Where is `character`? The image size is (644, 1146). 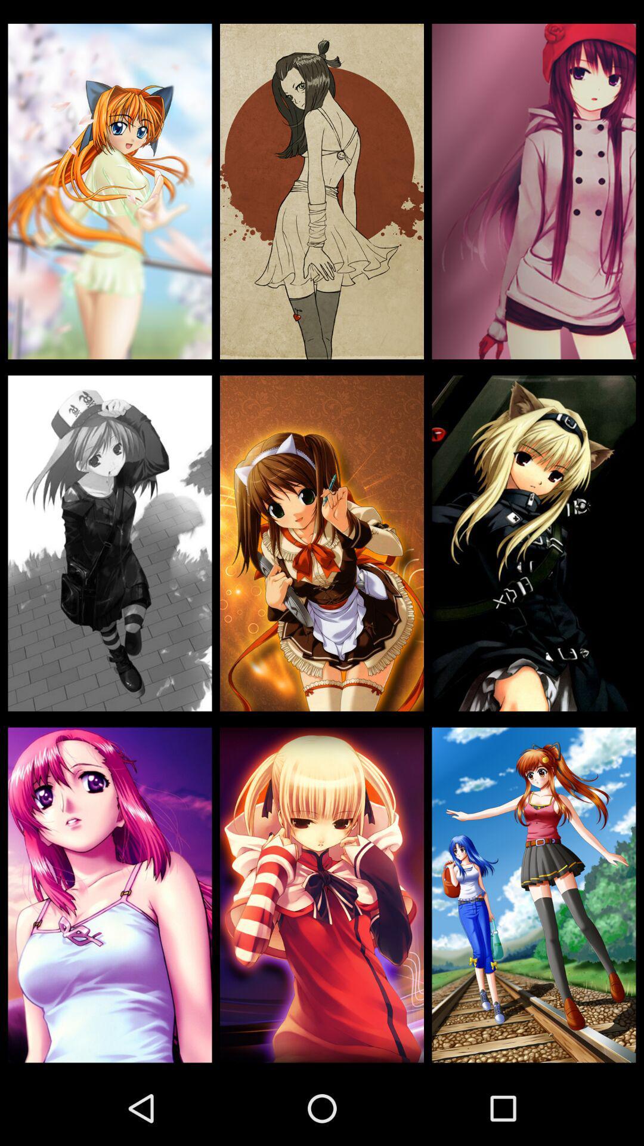
character is located at coordinates (110, 543).